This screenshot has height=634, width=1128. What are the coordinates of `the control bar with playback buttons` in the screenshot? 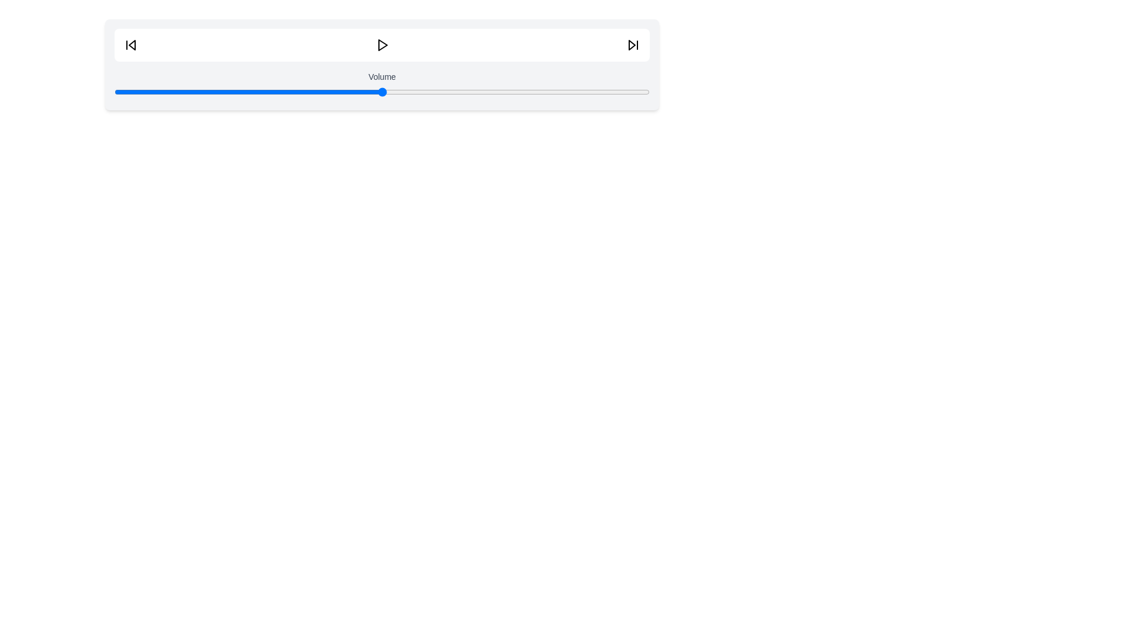 It's located at (382, 45).